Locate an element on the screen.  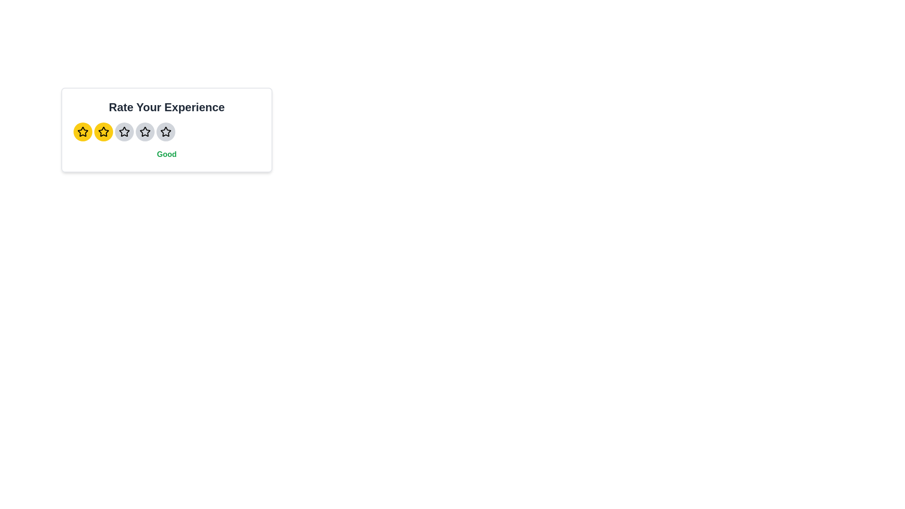
the circular gray button with a black outlined star icon is located at coordinates (165, 132).